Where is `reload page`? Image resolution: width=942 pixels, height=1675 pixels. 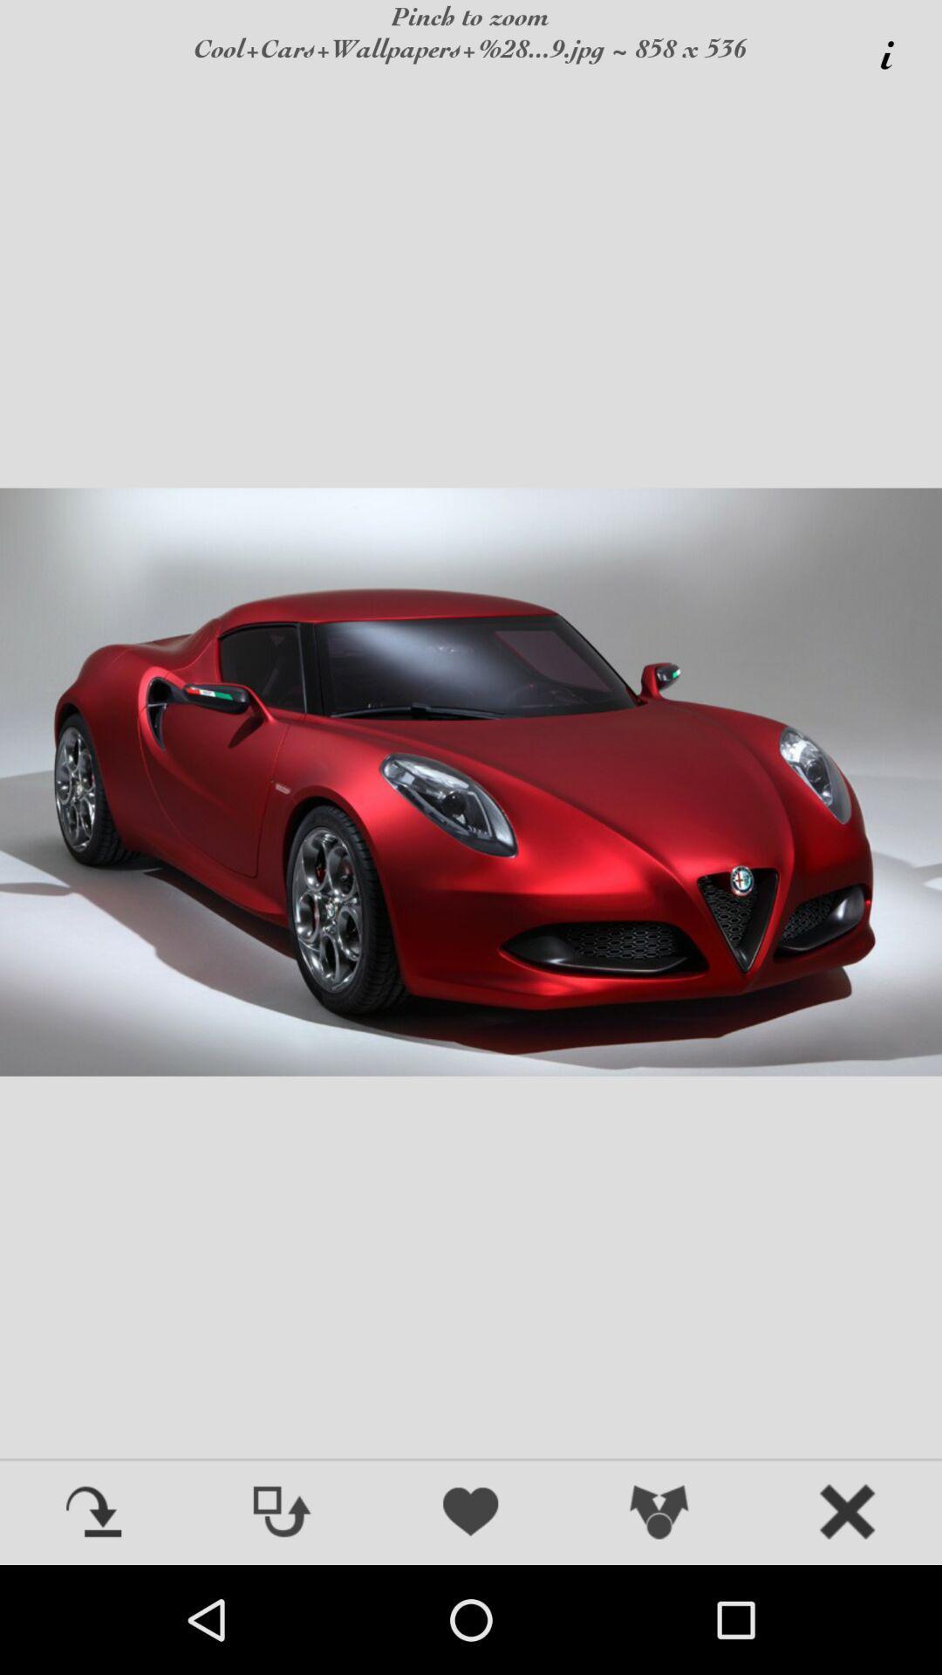 reload page is located at coordinates (94, 1513).